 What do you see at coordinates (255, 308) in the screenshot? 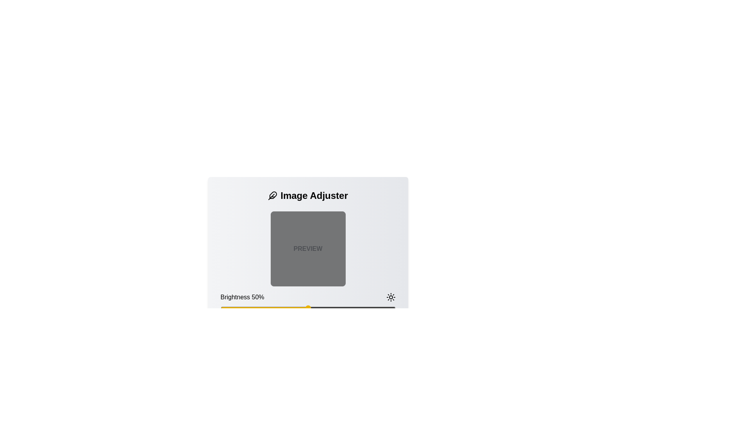
I see `the slider` at bounding box center [255, 308].